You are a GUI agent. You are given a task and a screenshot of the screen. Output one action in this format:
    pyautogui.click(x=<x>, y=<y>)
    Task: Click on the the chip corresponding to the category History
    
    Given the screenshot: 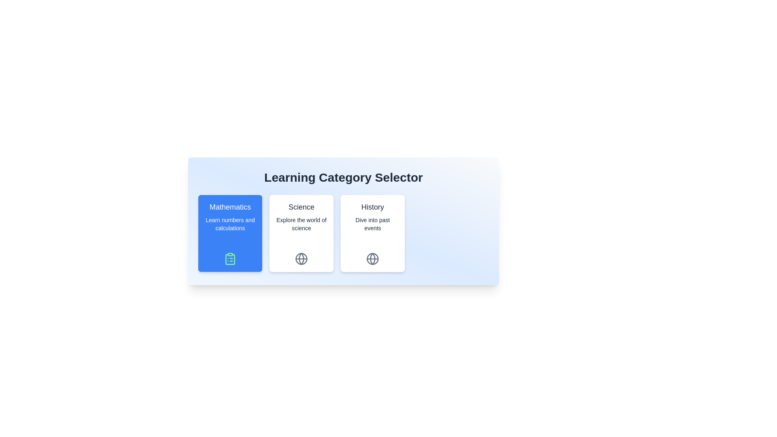 What is the action you would take?
    pyautogui.click(x=372, y=233)
    